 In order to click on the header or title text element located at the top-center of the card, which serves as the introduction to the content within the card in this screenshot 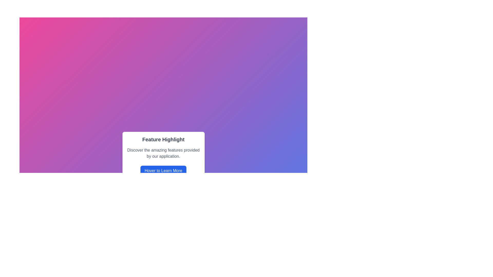, I will do `click(163, 139)`.